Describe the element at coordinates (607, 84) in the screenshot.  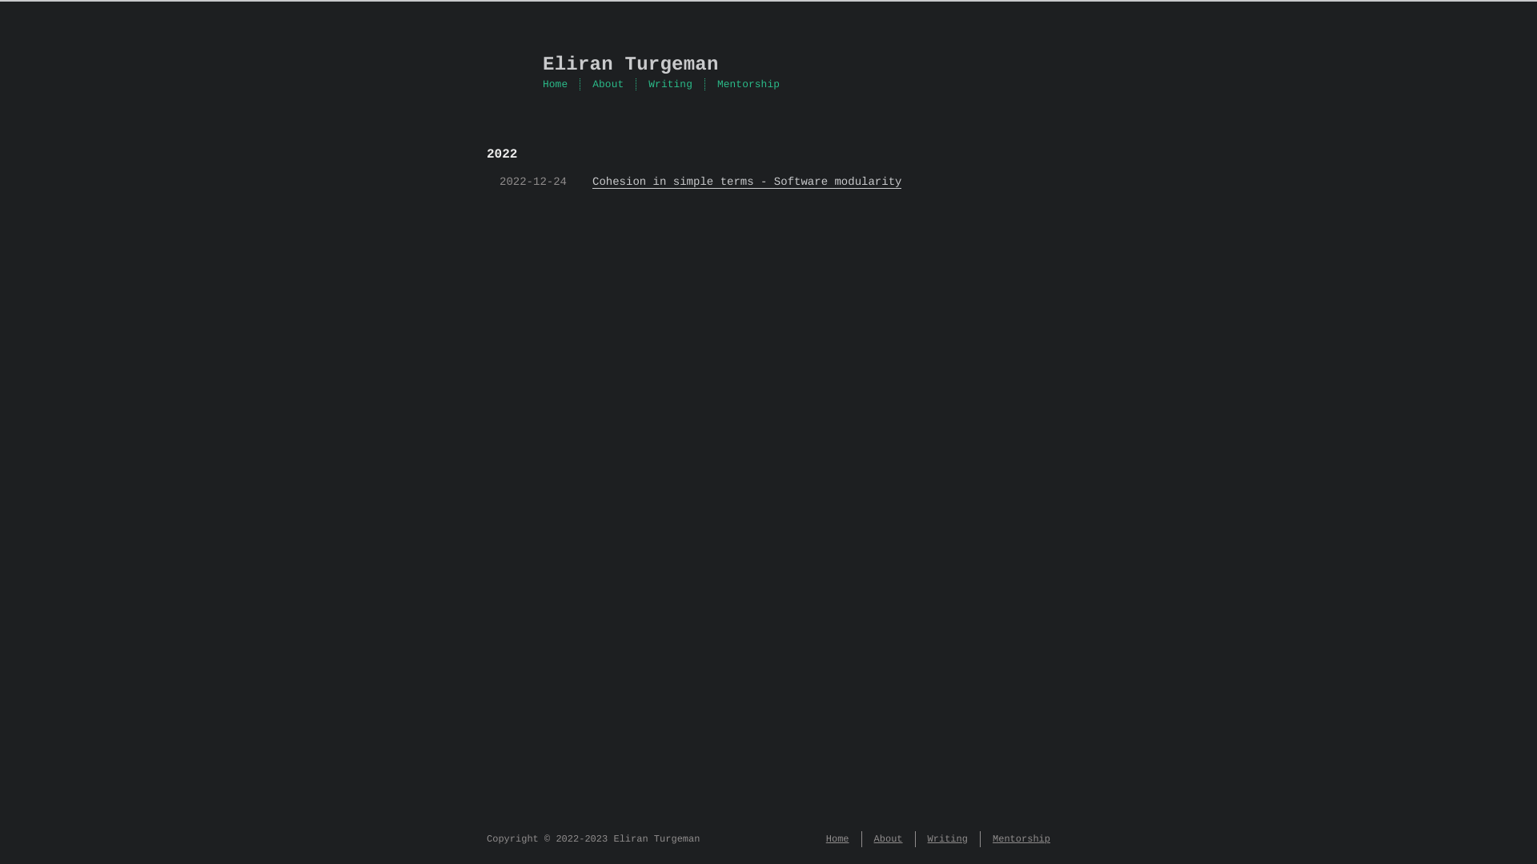
I see `'About'` at that location.